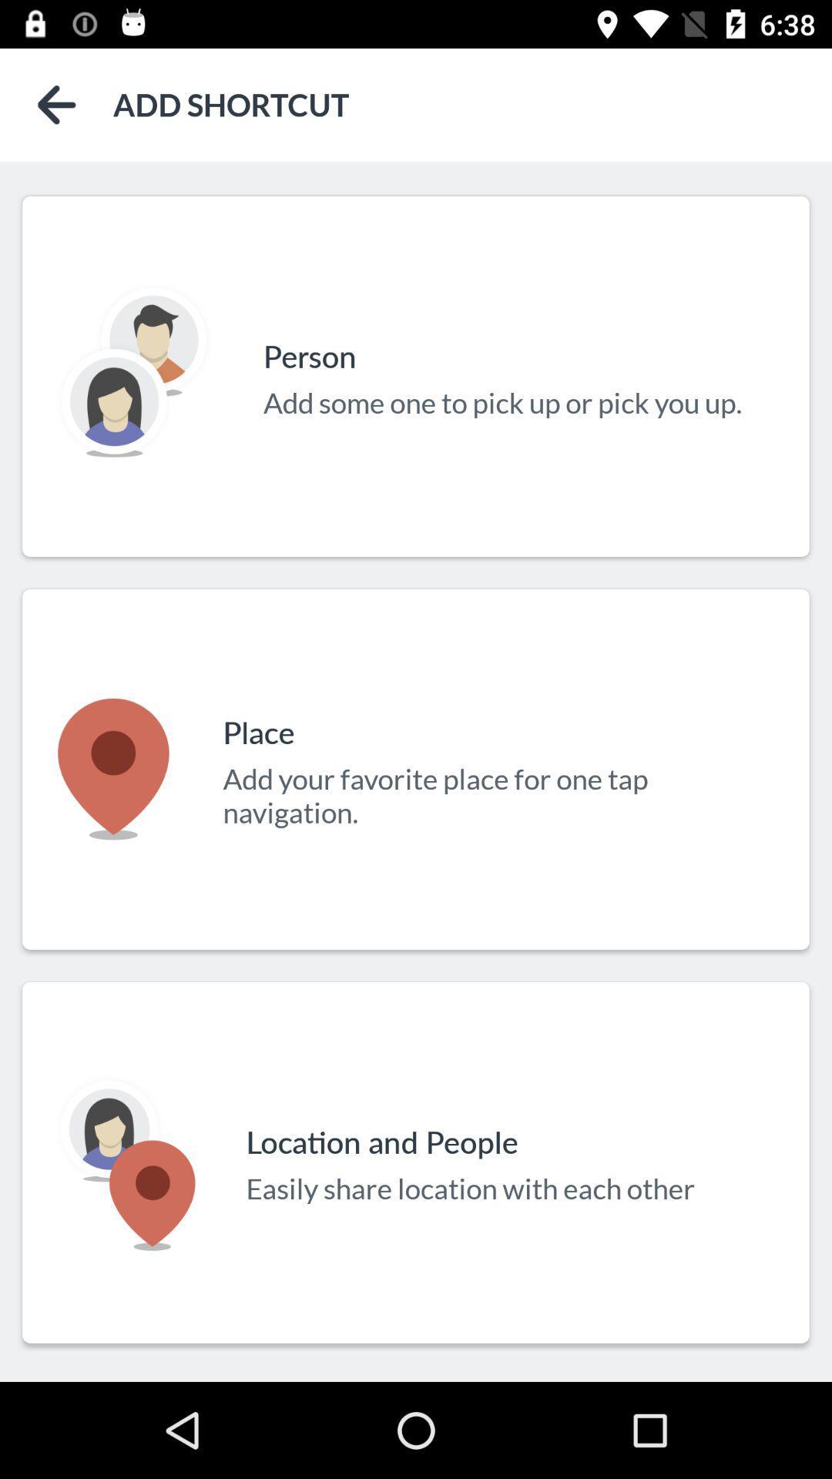  I want to click on the arrow_backward icon, so click(55, 104).